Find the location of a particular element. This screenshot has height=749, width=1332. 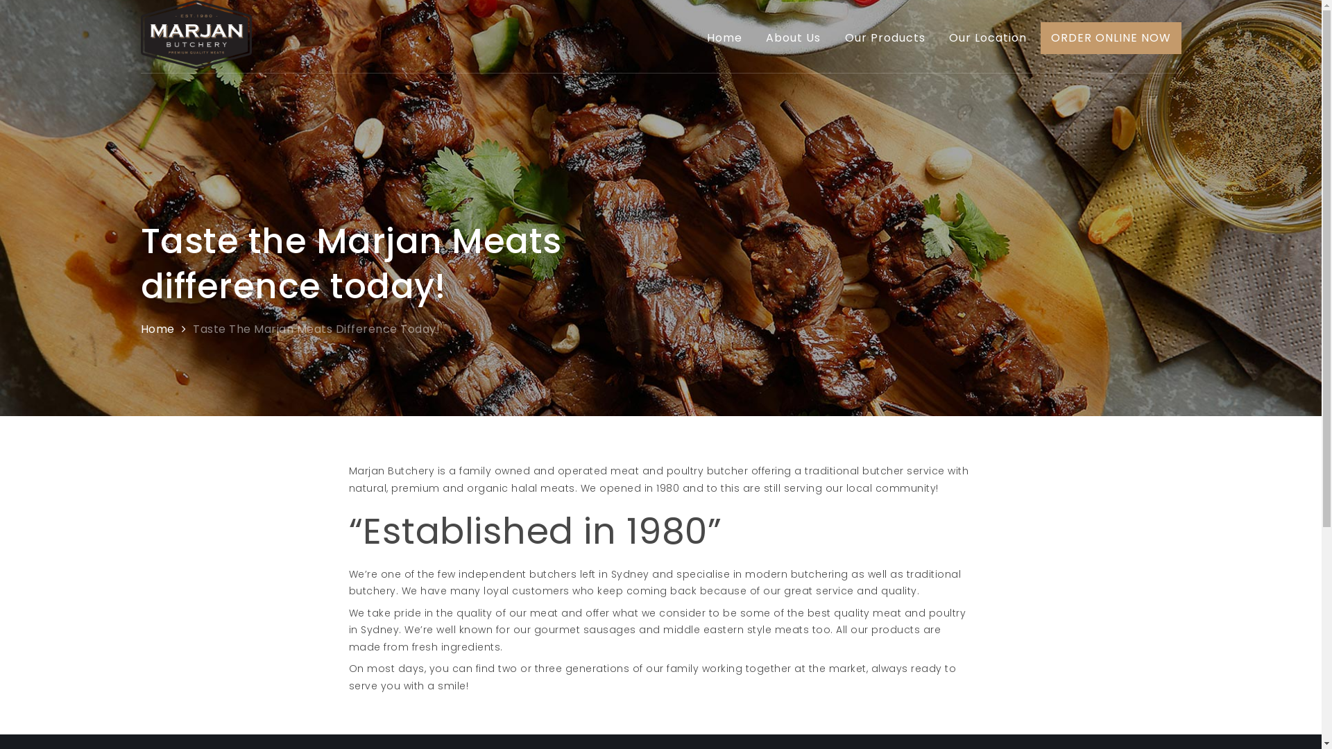

'ORDER ONLINE NOW' is located at coordinates (1111, 37).